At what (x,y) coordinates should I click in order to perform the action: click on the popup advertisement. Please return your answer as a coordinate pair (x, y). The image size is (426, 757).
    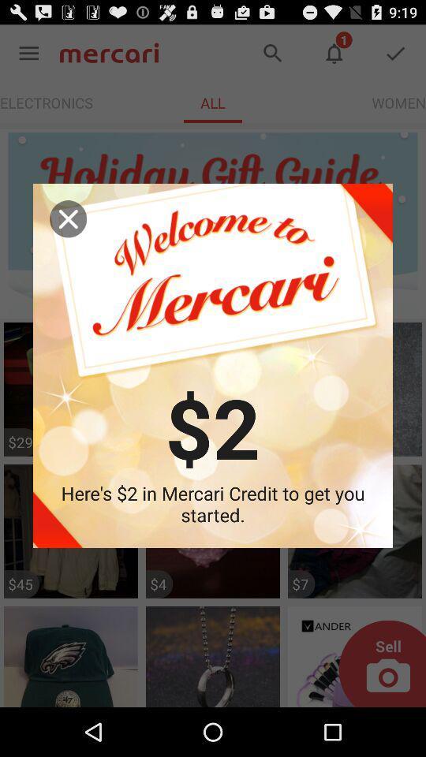
    Looking at the image, I should click on (67, 218).